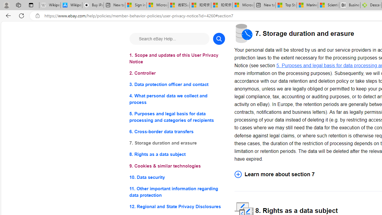 The width and height of the screenshot is (382, 215). What do you see at coordinates (177, 206) in the screenshot?
I see `'12. Regional and State Privacy Disclosures'` at bounding box center [177, 206].